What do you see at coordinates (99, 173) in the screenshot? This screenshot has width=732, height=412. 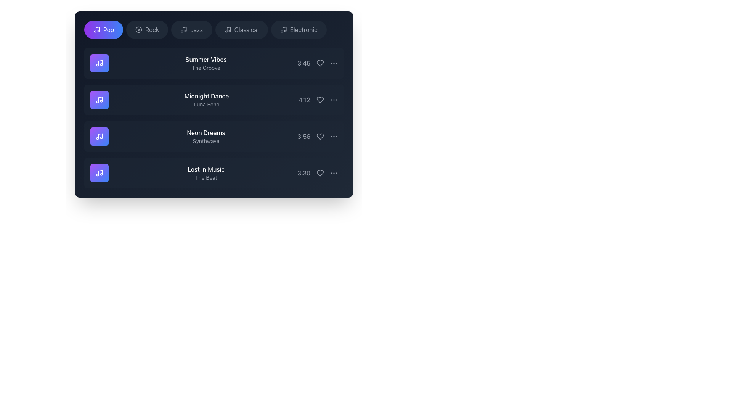 I see `the music file icon located in the last row of the list, which serves as an identifying icon for its associated content` at bounding box center [99, 173].